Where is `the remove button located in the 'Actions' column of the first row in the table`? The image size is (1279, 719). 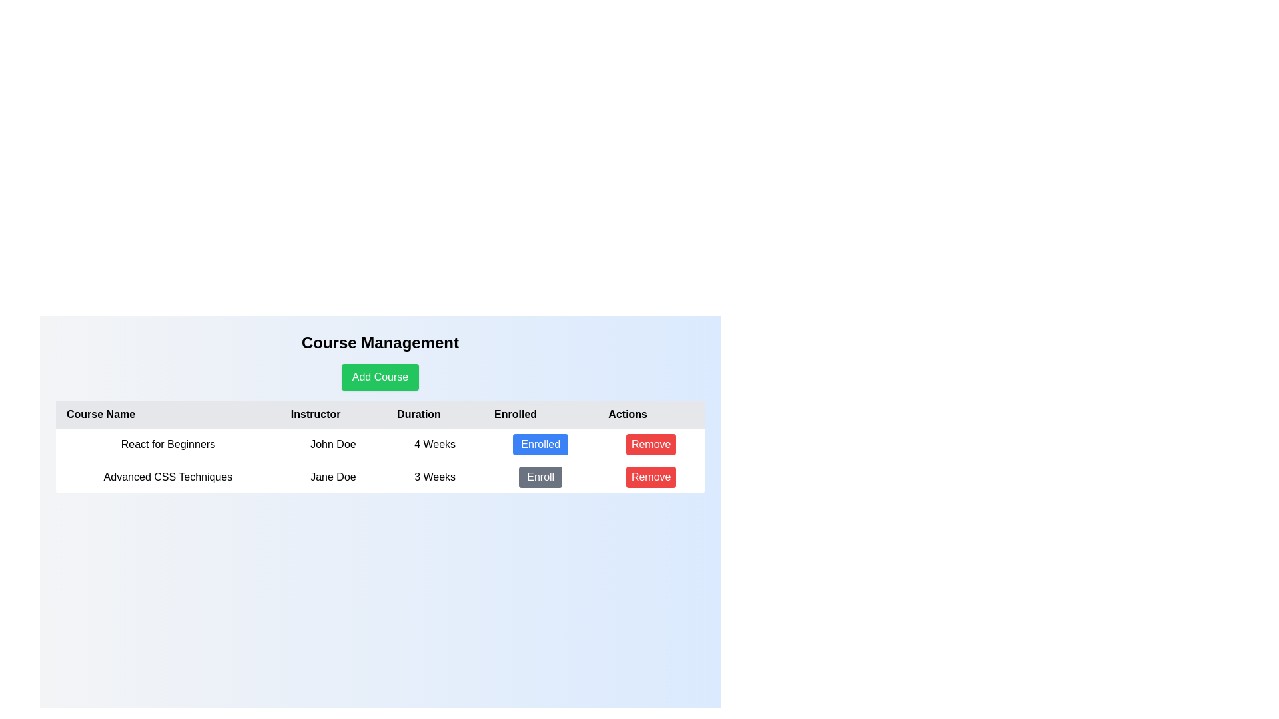 the remove button located in the 'Actions' column of the first row in the table is located at coordinates (651, 444).